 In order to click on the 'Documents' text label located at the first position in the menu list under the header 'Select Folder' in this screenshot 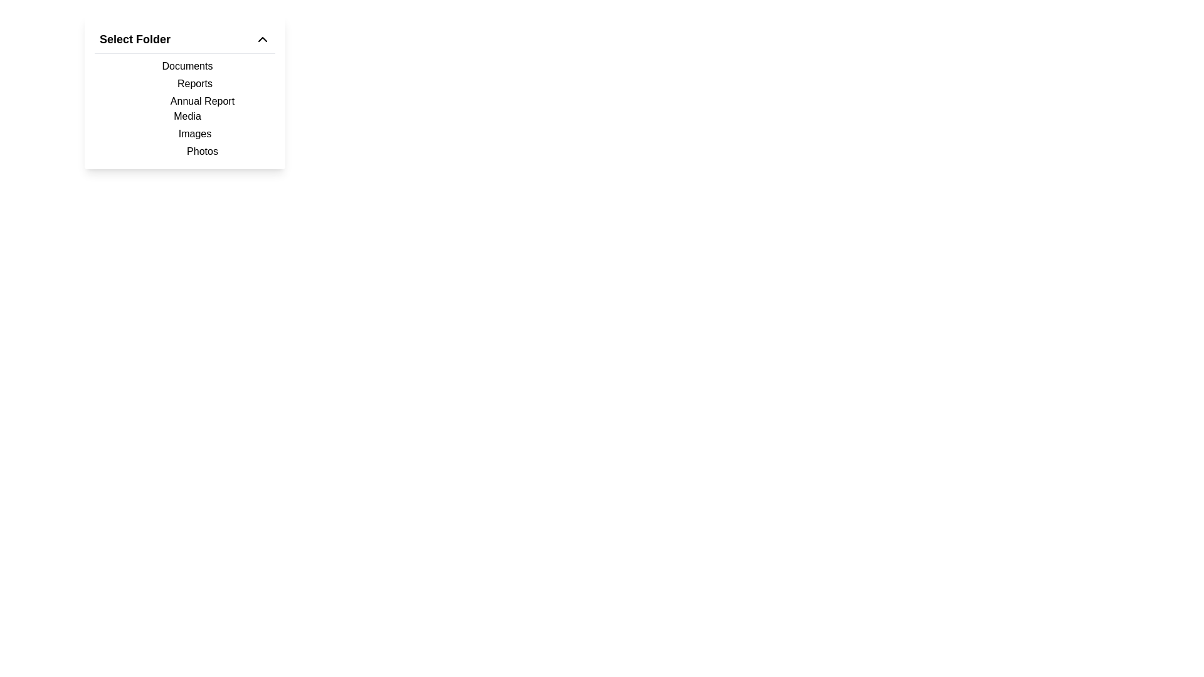, I will do `click(186, 66)`.